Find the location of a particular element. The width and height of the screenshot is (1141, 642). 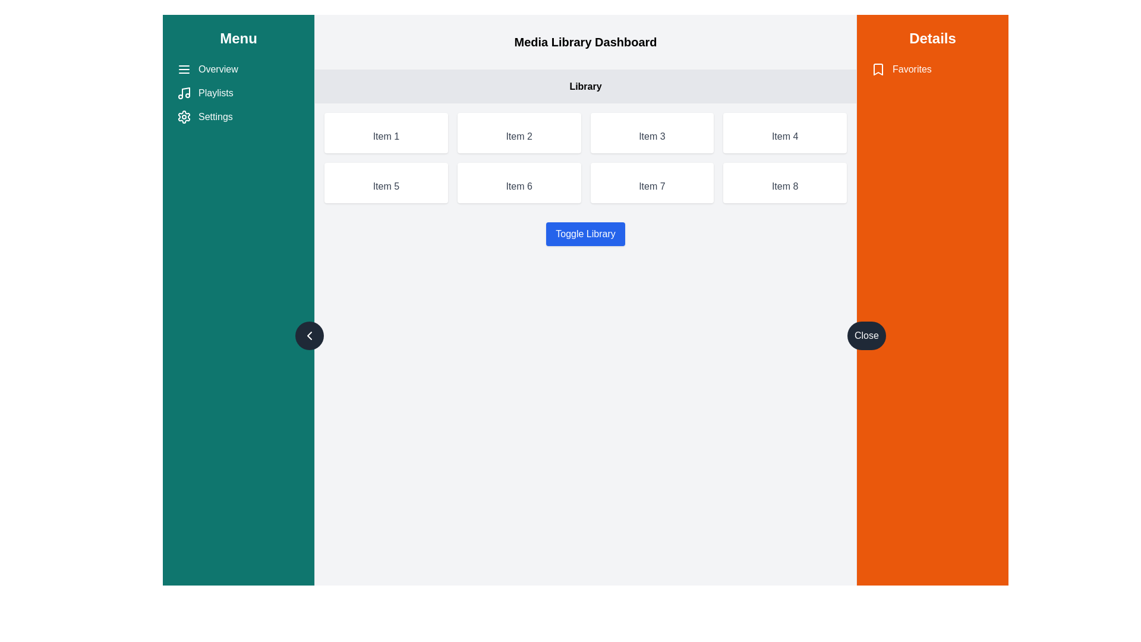

the rectangular blue button labeled 'Toggle Library' is located at coordinates (585, 234).